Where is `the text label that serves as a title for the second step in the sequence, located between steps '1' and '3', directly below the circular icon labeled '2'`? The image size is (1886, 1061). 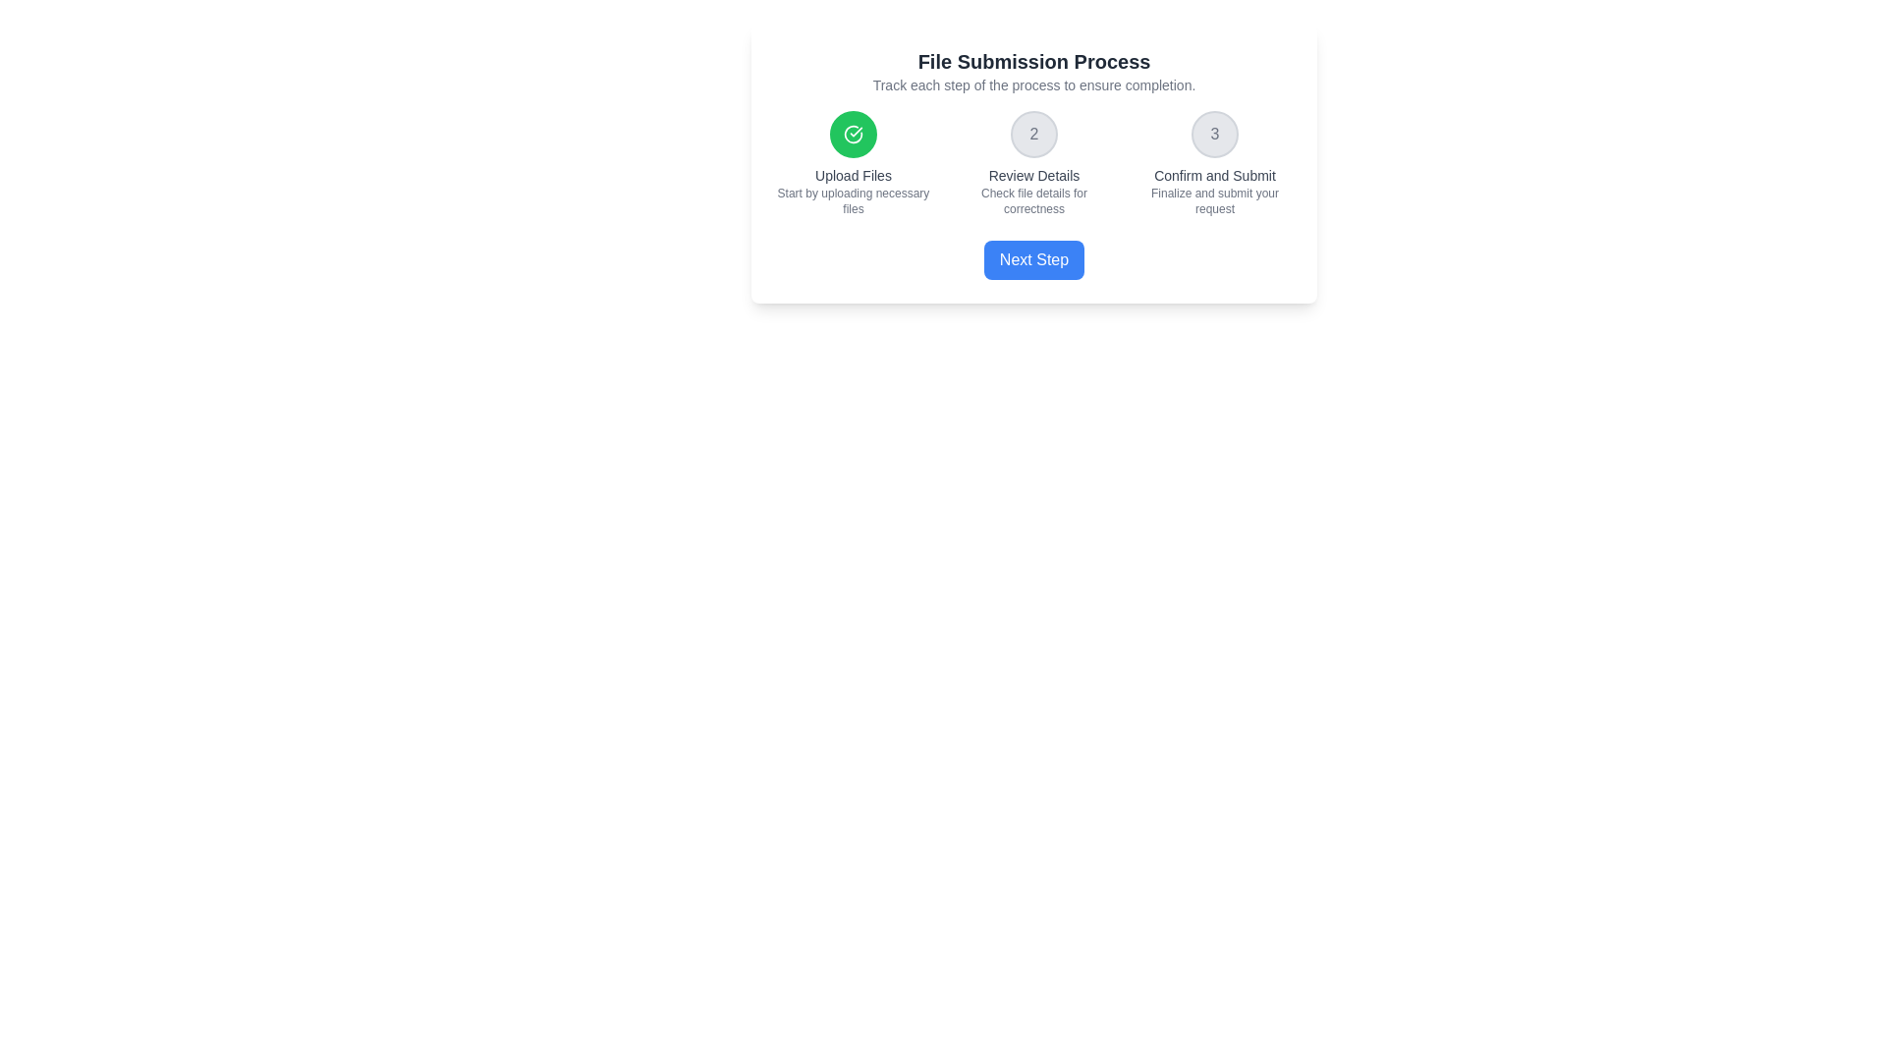 the text label that serves as a title for the second step in the sequence, located between steps '1' and '3', directly below the circular icon labeled '2' is located at coordinates (1032, 174).